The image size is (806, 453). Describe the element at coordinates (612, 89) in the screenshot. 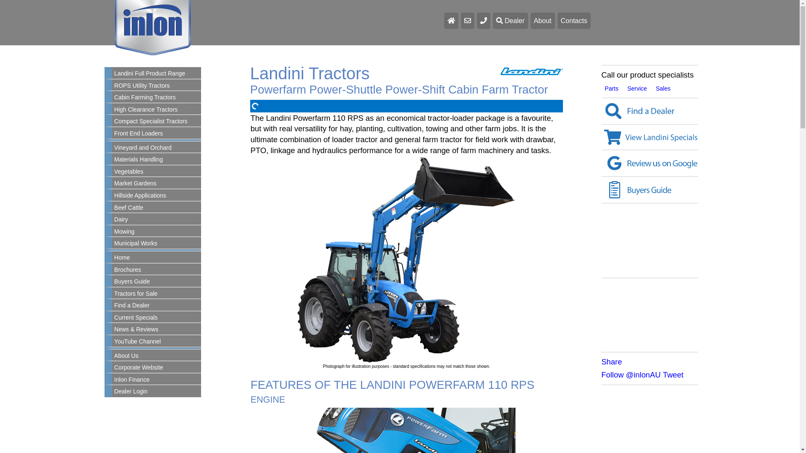

I see `'Parts'` at that location.